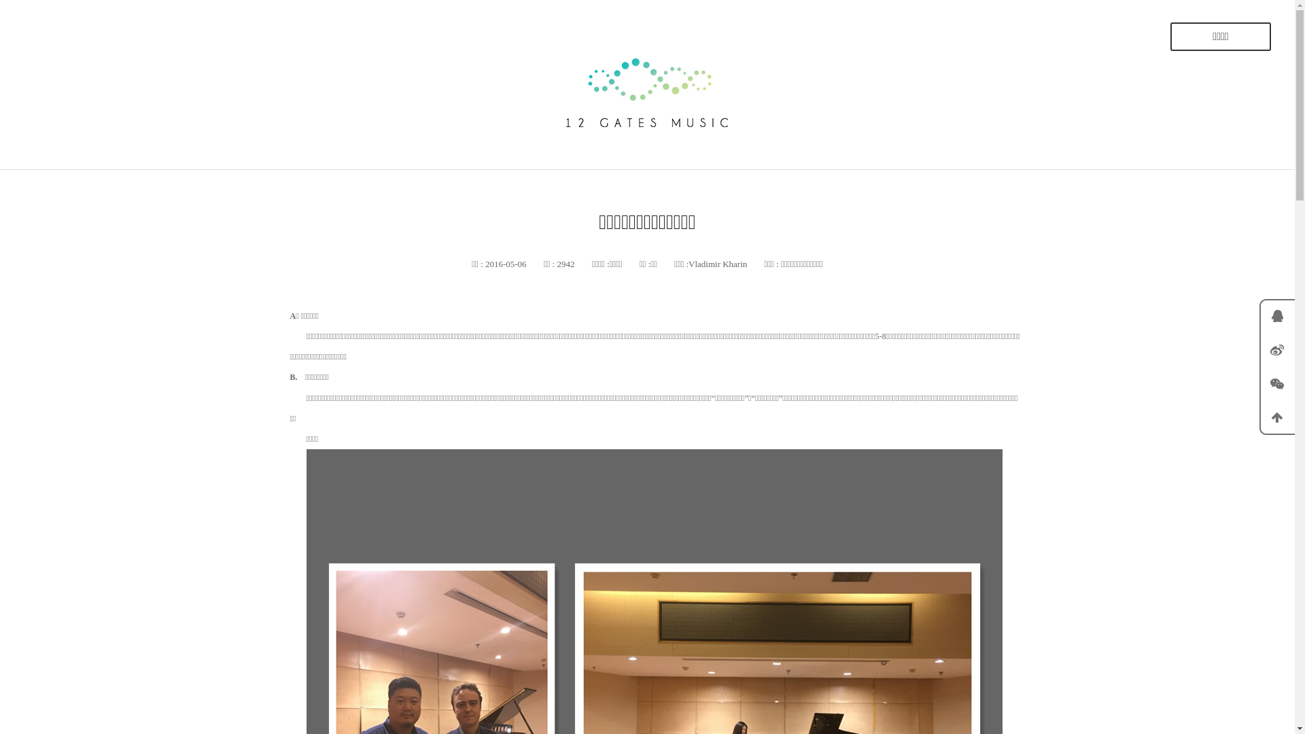 Image resolution: width=1305 pixels, height=734 pixels. Describe the element at coordinates (504, 264) in the screenshot. I see `'2016-05-06'` at that location.